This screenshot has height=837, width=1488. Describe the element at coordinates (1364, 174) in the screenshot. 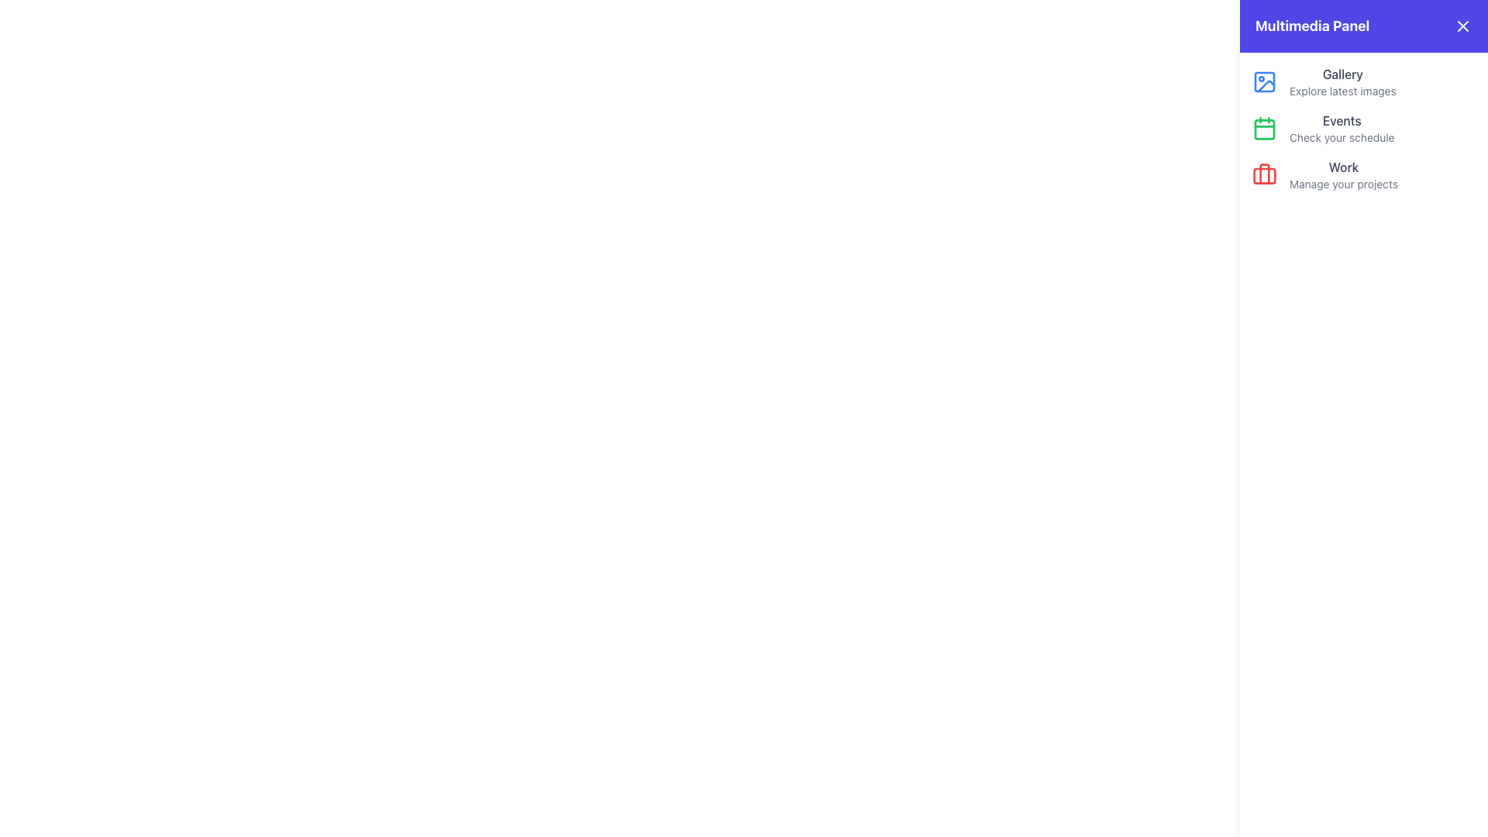

I see `the third list item in the vertical menu labeled 'Multimedia Panel'` at that location.